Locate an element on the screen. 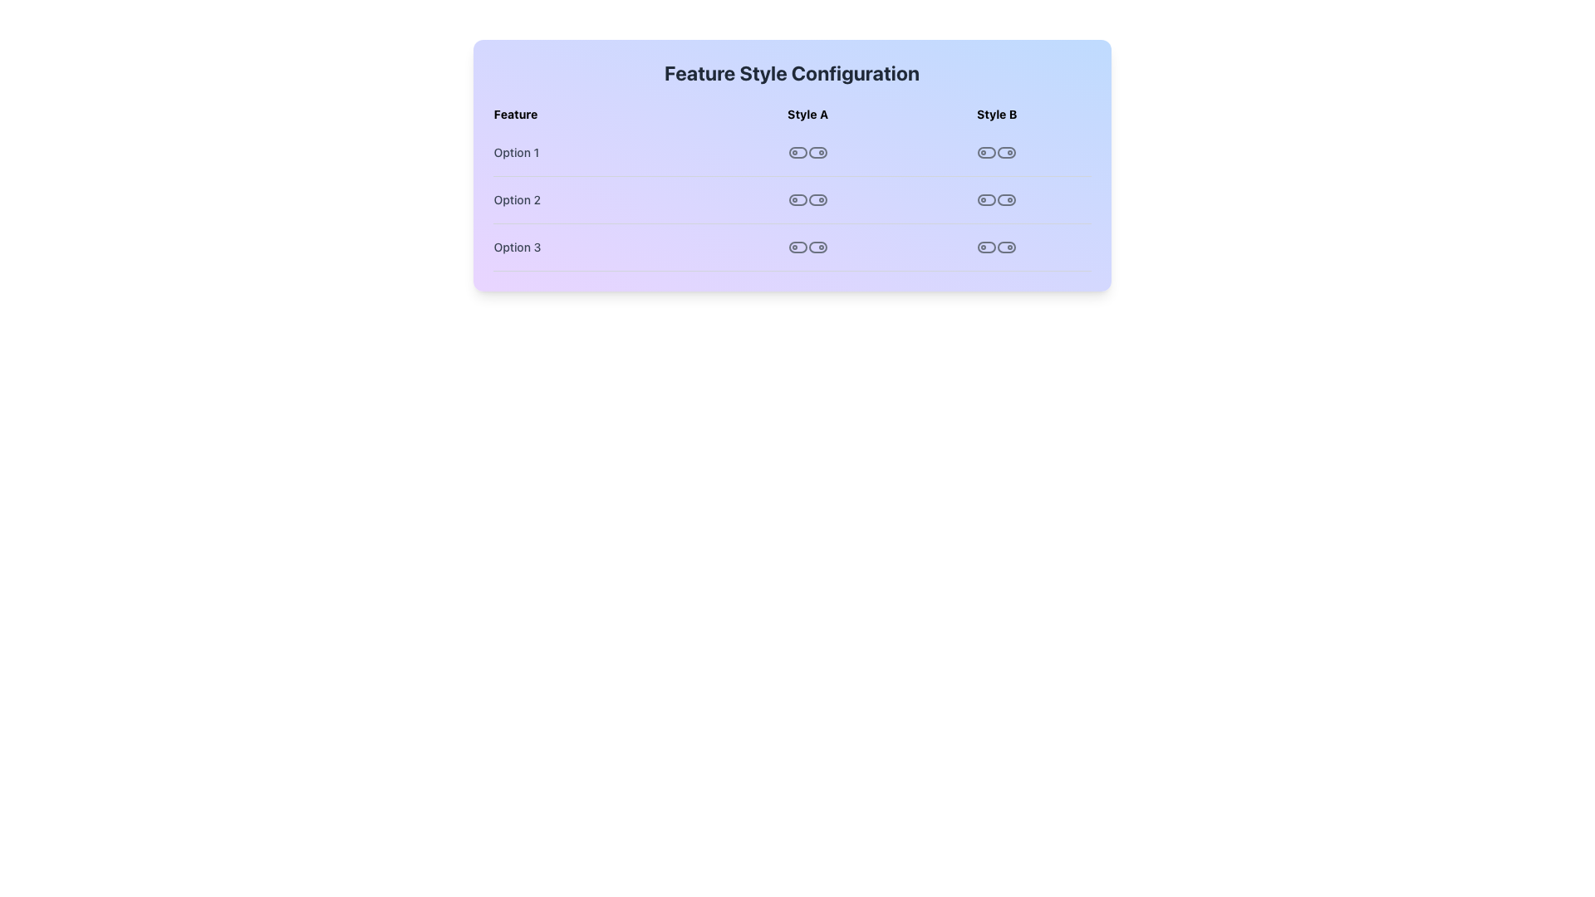  the decorative rounded rectangle that is part of the toggle switch indicator for 'Style B' in the first row of the 'Feature Style Configuration' table is located at coordinates (987, 153).